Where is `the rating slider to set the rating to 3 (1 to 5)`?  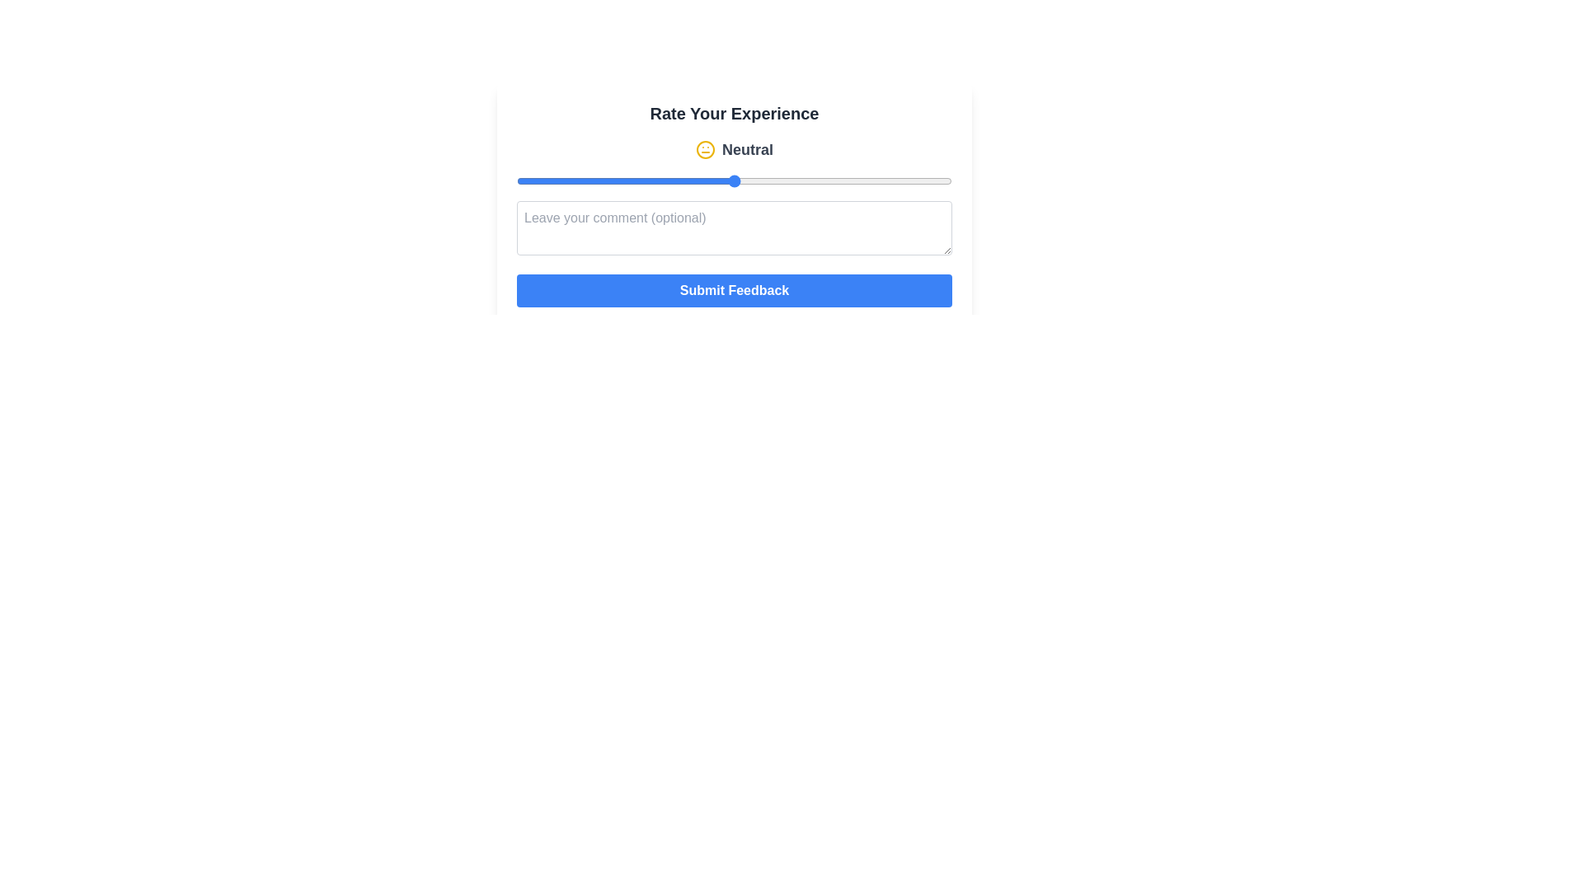
the rating slider to set the rating to 3 (1 to 5) is located at coordinates (734, 180).